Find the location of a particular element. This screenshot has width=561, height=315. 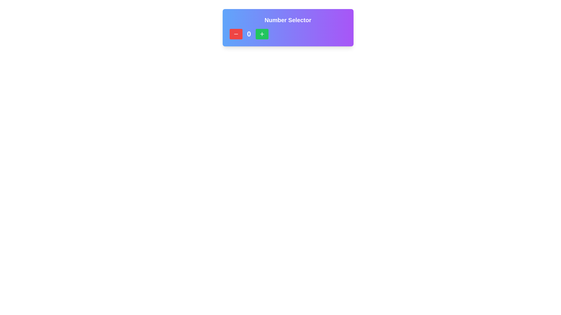

the text label that displays the current numeric value selected by the user, positioned centrally between the decrement and increment buttons is located at coordinates (249, 34).